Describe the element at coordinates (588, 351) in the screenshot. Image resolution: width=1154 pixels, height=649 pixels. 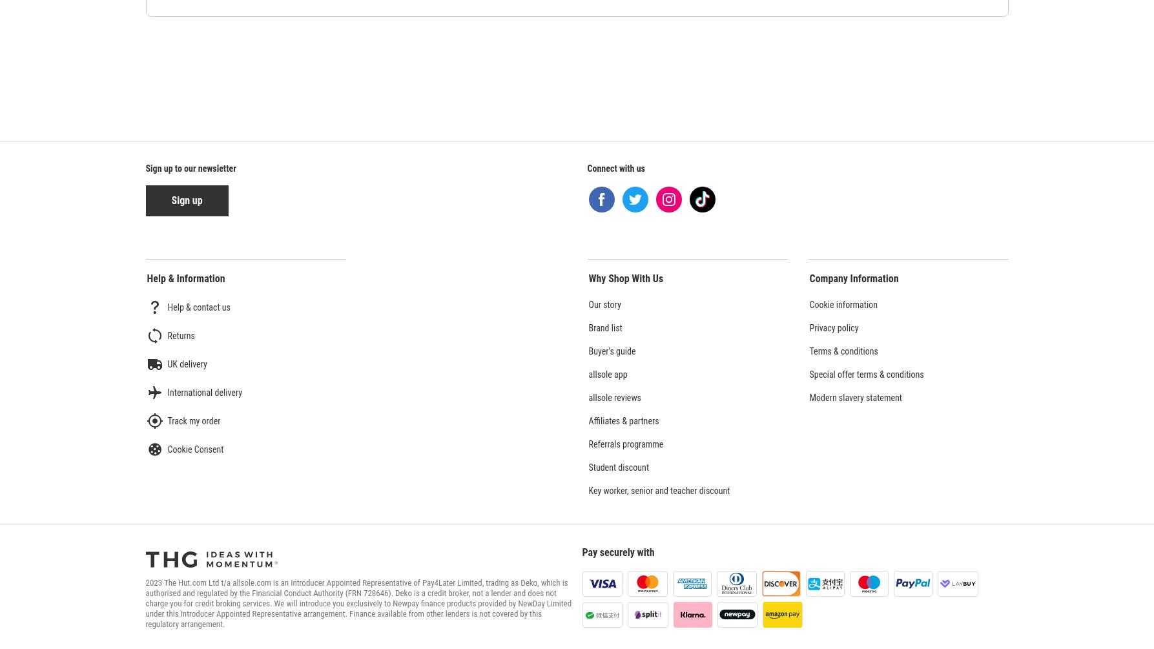
I see `'Buyer's guide'` at that location.